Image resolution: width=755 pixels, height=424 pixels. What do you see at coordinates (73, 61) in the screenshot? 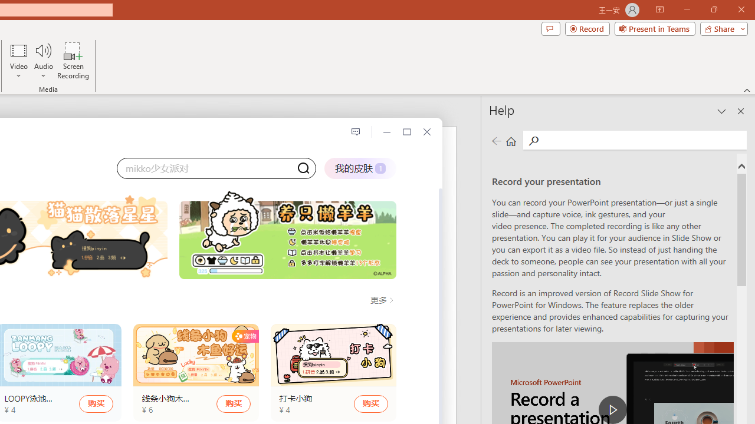
I see `'Screen Recording...'` at bounding box center [73, 61].